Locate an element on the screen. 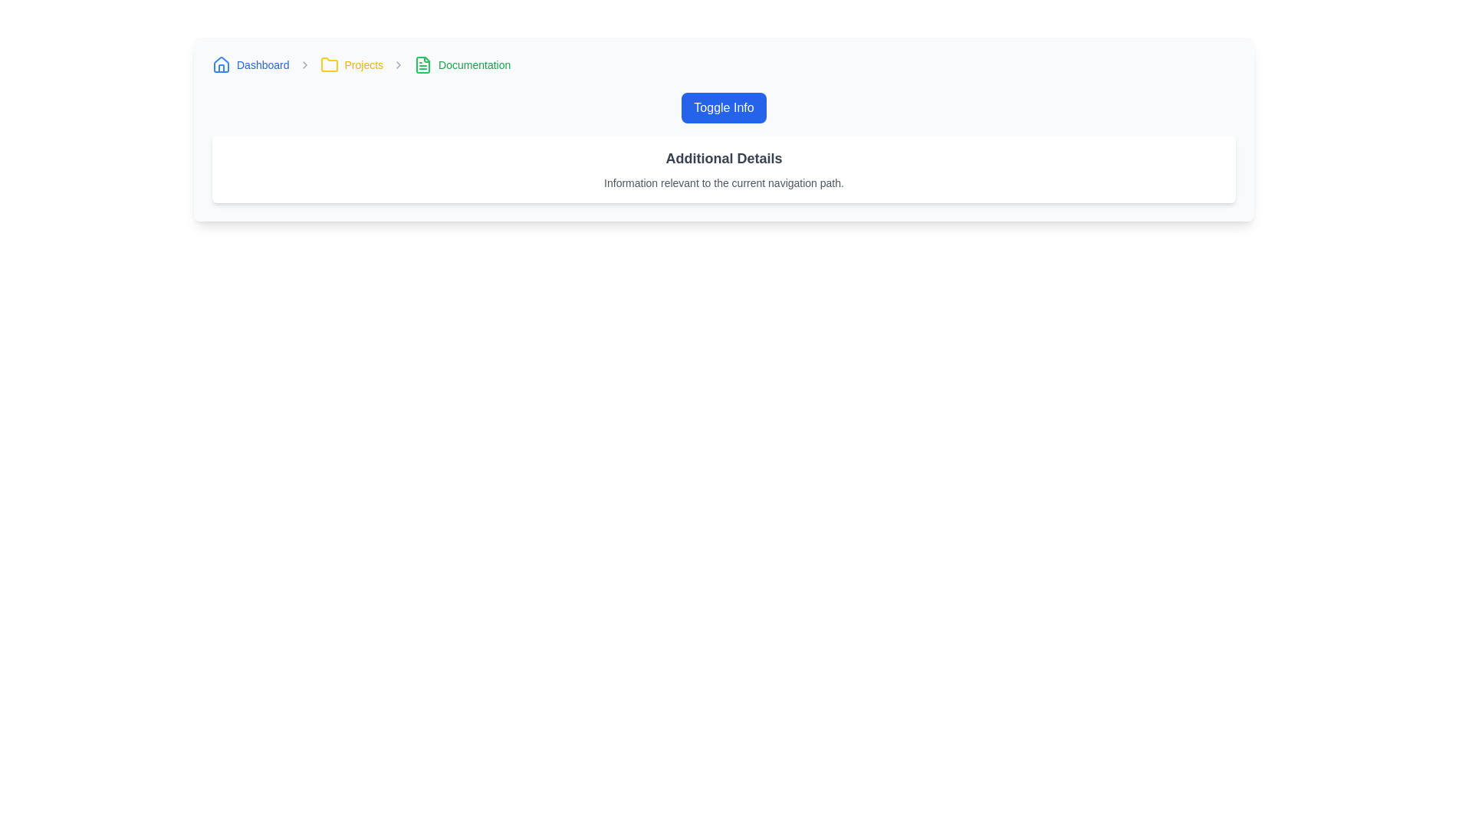  properties of the right-pointing arrow icon located in the breadcrumb navigation bar between 'Projects' and 'Documentation' is located at coordinates (399, 64).